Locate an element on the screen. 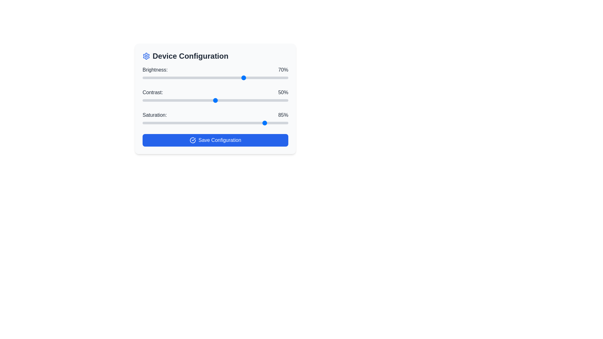  displayed percentage value '50%' from the bold text label located to the right of the 'Contrast:' slider in the 'Device Configuration' panel is located at coordinates (283, 92).